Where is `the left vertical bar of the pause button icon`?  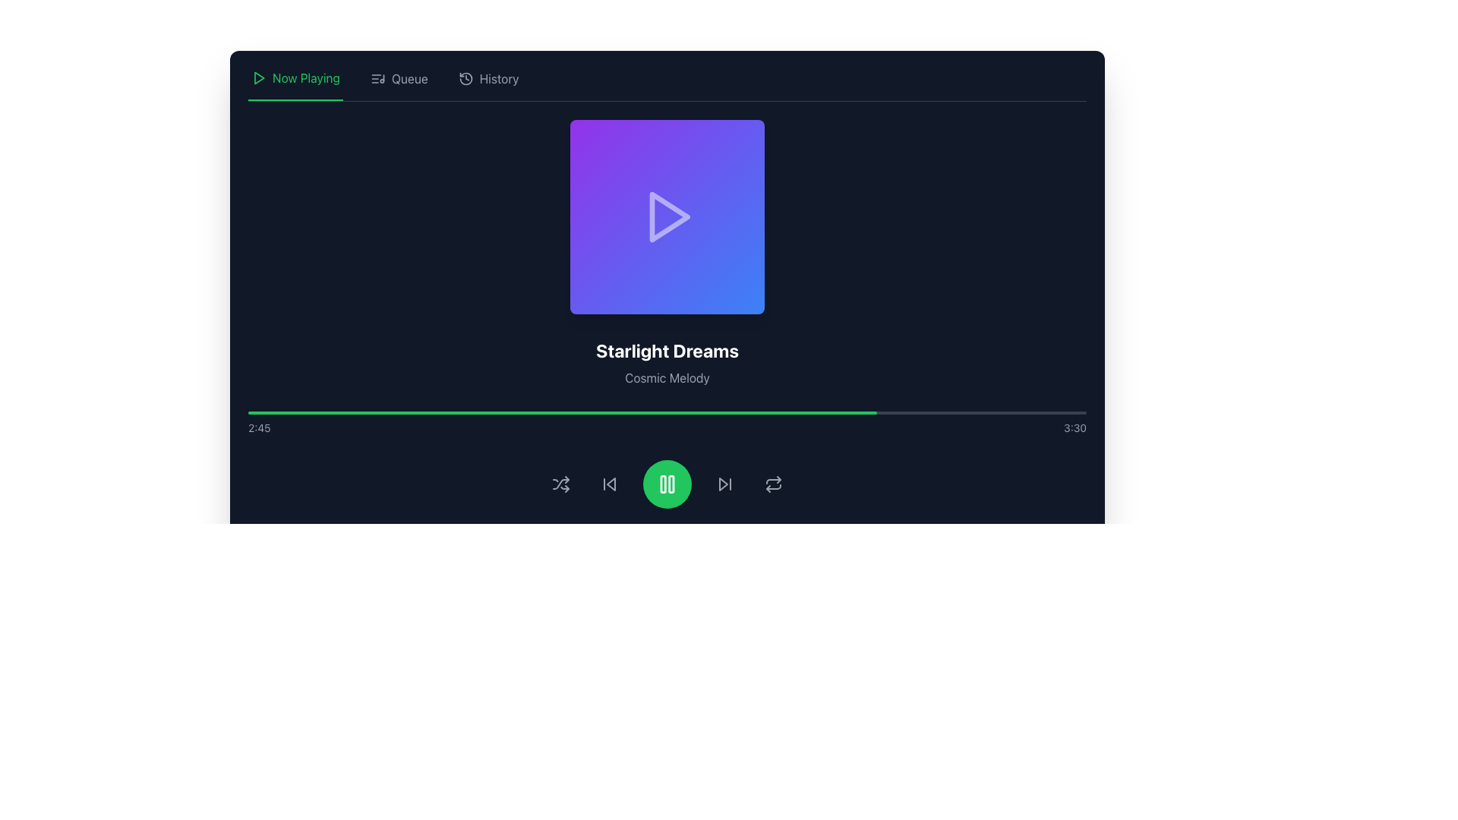 the left vertical bar of the pause button icon is located at coordinates (663, 484).